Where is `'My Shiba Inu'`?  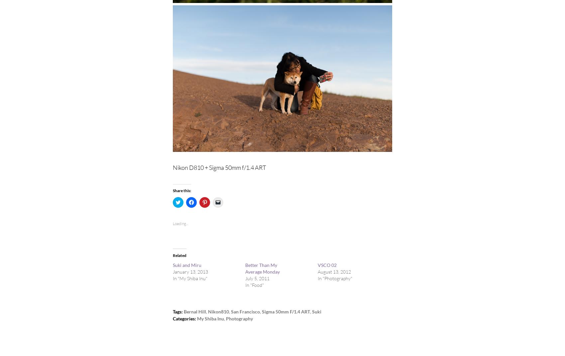
'My Shiba Inu' is located at coordinates (196, 318).